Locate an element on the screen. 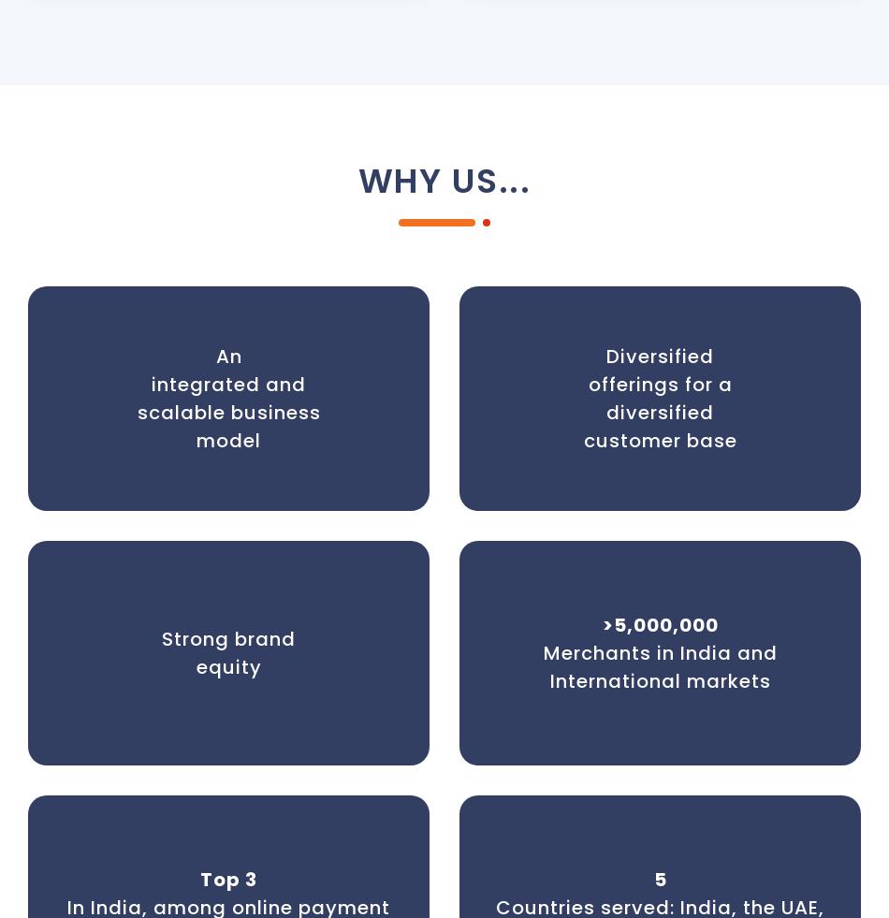 The height and width of the screenshot is (918, 889). 'customer base' is located at coordinates (583, 439).